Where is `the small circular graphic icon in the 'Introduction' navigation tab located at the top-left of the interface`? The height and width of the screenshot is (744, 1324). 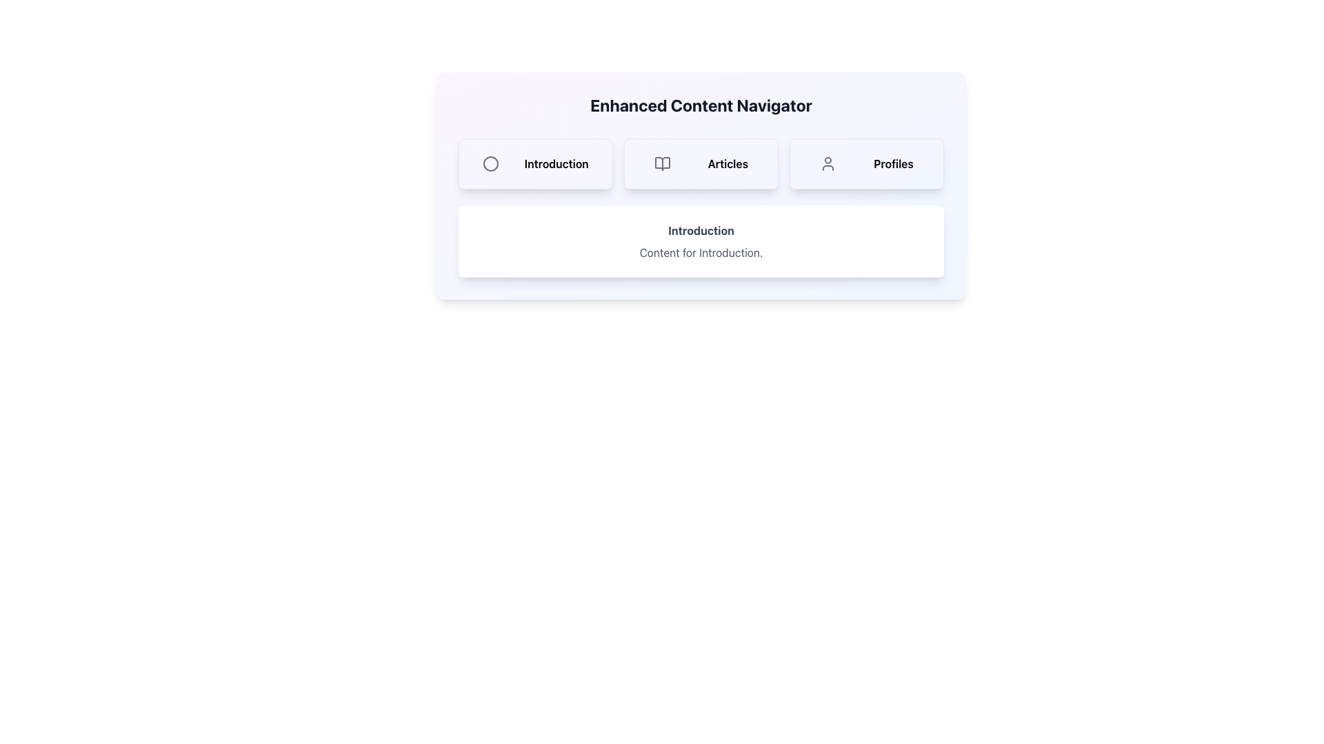 the small circular graphic icon in the 'Introduction' navigation tab located at the top-left of the interface is located at coordinates (491, 163).